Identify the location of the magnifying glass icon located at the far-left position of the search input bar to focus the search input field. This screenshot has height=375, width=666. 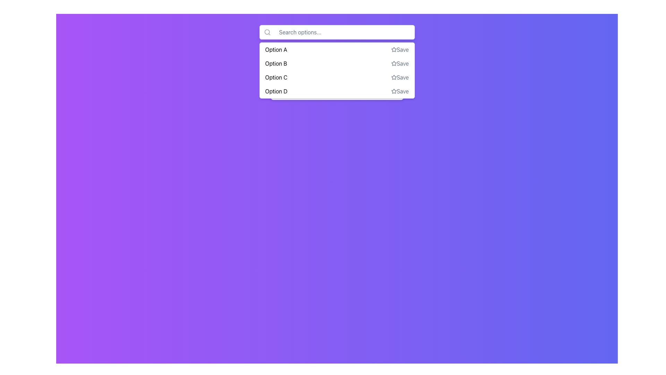
(267, 32).